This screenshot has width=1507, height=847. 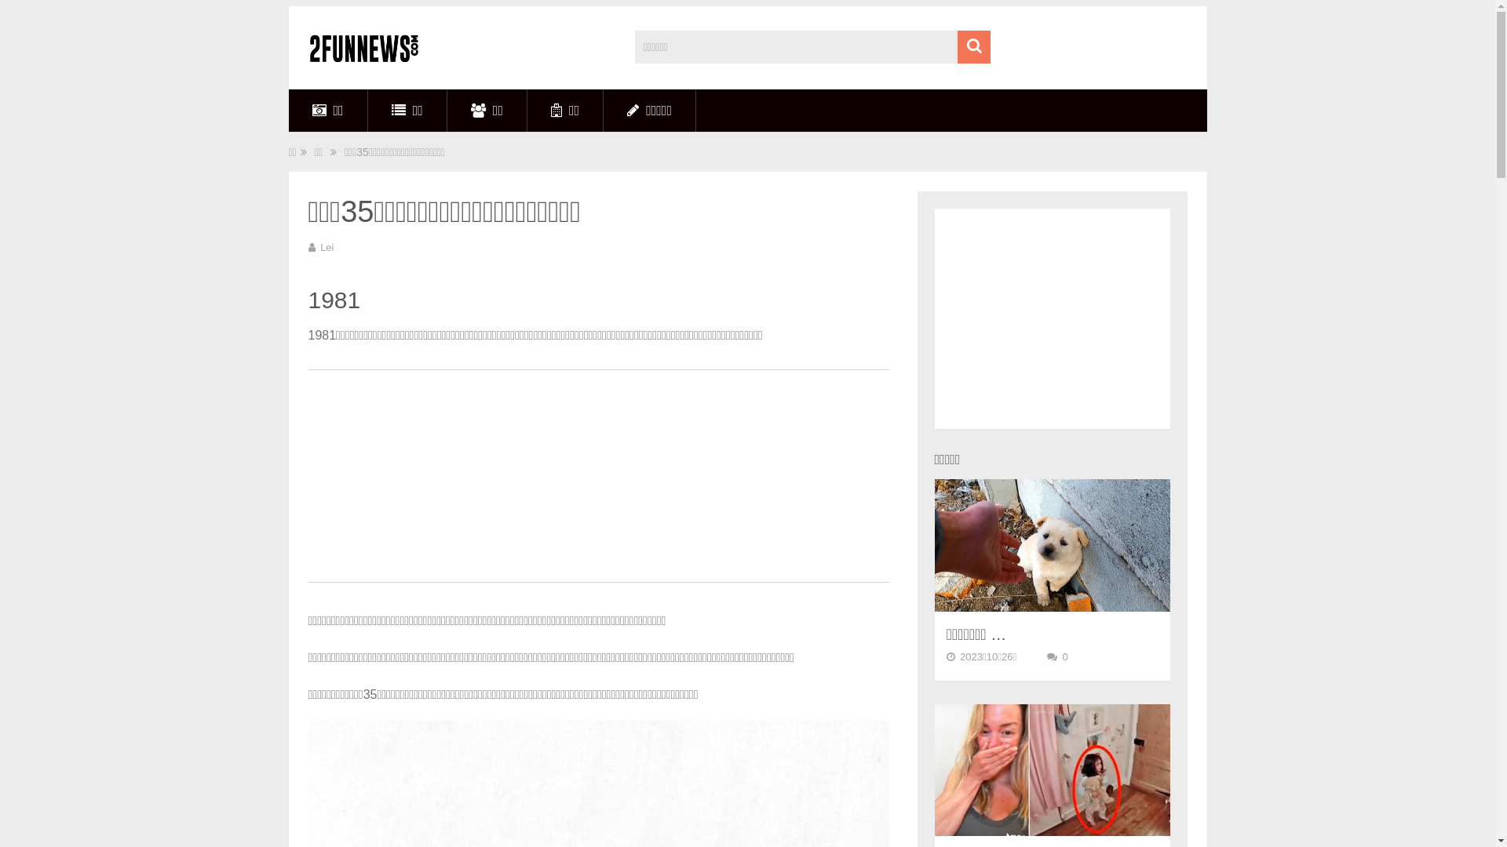 What do you see at coordinates (326, 247) in the screenshot?
I see `'Lei'` at bounding box center [326, 247].